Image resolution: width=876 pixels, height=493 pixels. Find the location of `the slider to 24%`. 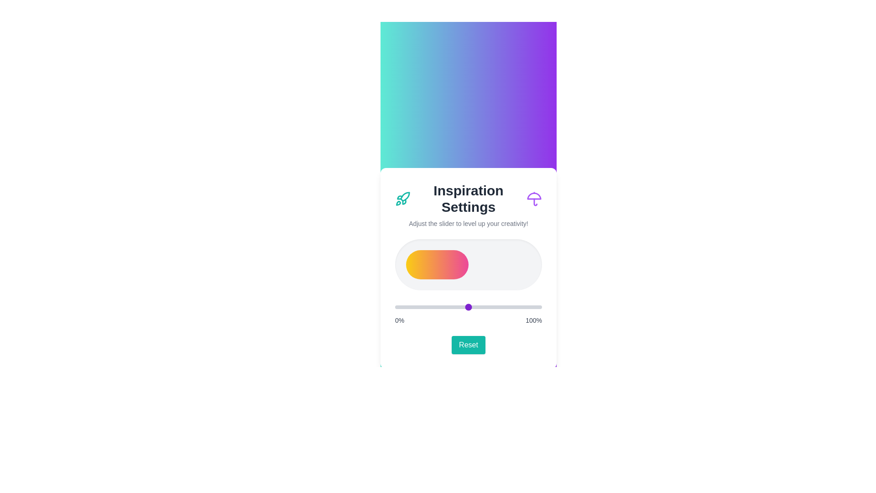

the slider to 24% is located at coordinates (430, 307).